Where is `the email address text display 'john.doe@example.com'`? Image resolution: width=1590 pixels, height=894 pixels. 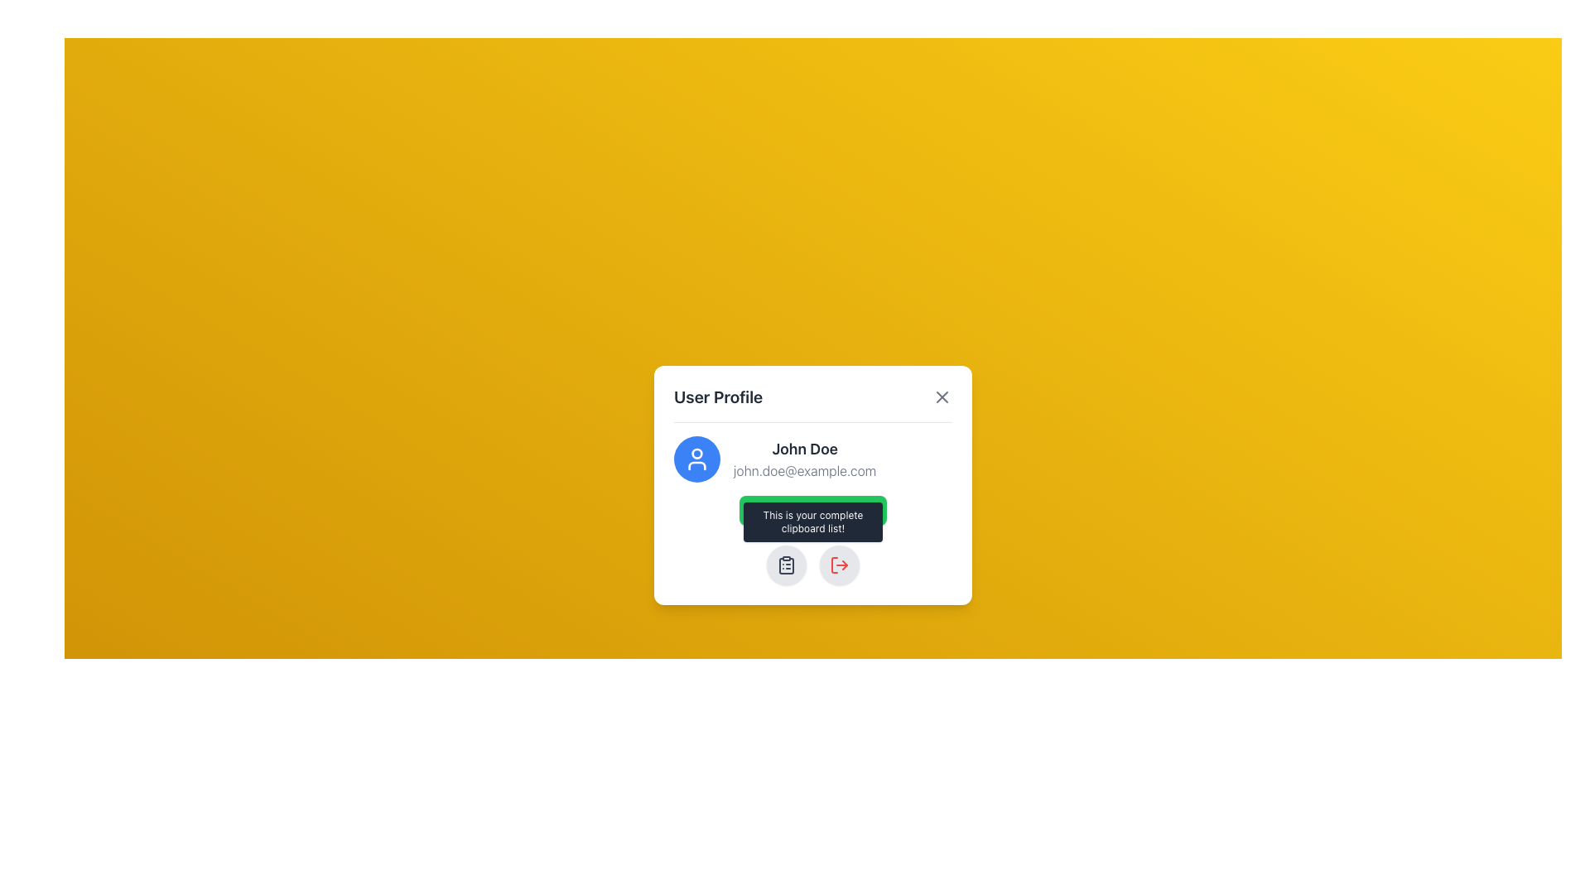
the email address text display 'john.doe@example.com' is located at coordinates (805, 470).